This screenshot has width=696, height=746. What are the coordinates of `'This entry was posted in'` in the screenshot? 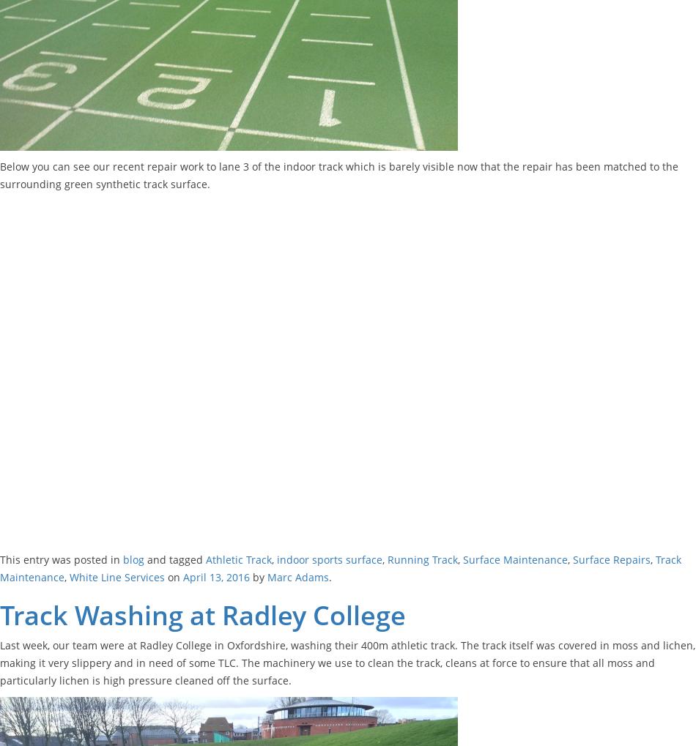 It's located at (61, 558).